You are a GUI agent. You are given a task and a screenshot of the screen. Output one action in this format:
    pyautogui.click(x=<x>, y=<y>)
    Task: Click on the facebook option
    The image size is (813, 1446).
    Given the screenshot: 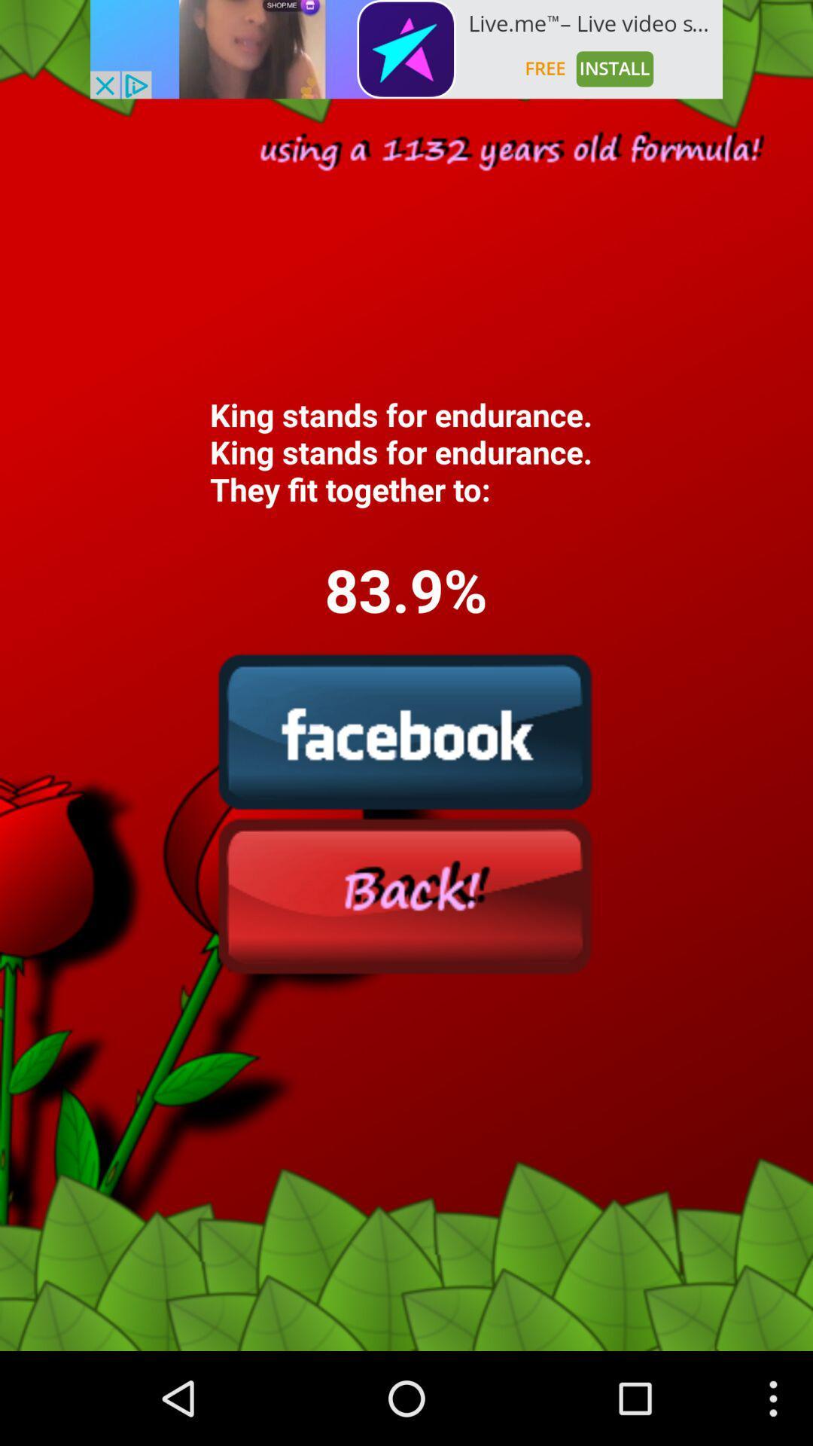 What is the action you would take?
    pyautogui.click(x=405, y=731)
    